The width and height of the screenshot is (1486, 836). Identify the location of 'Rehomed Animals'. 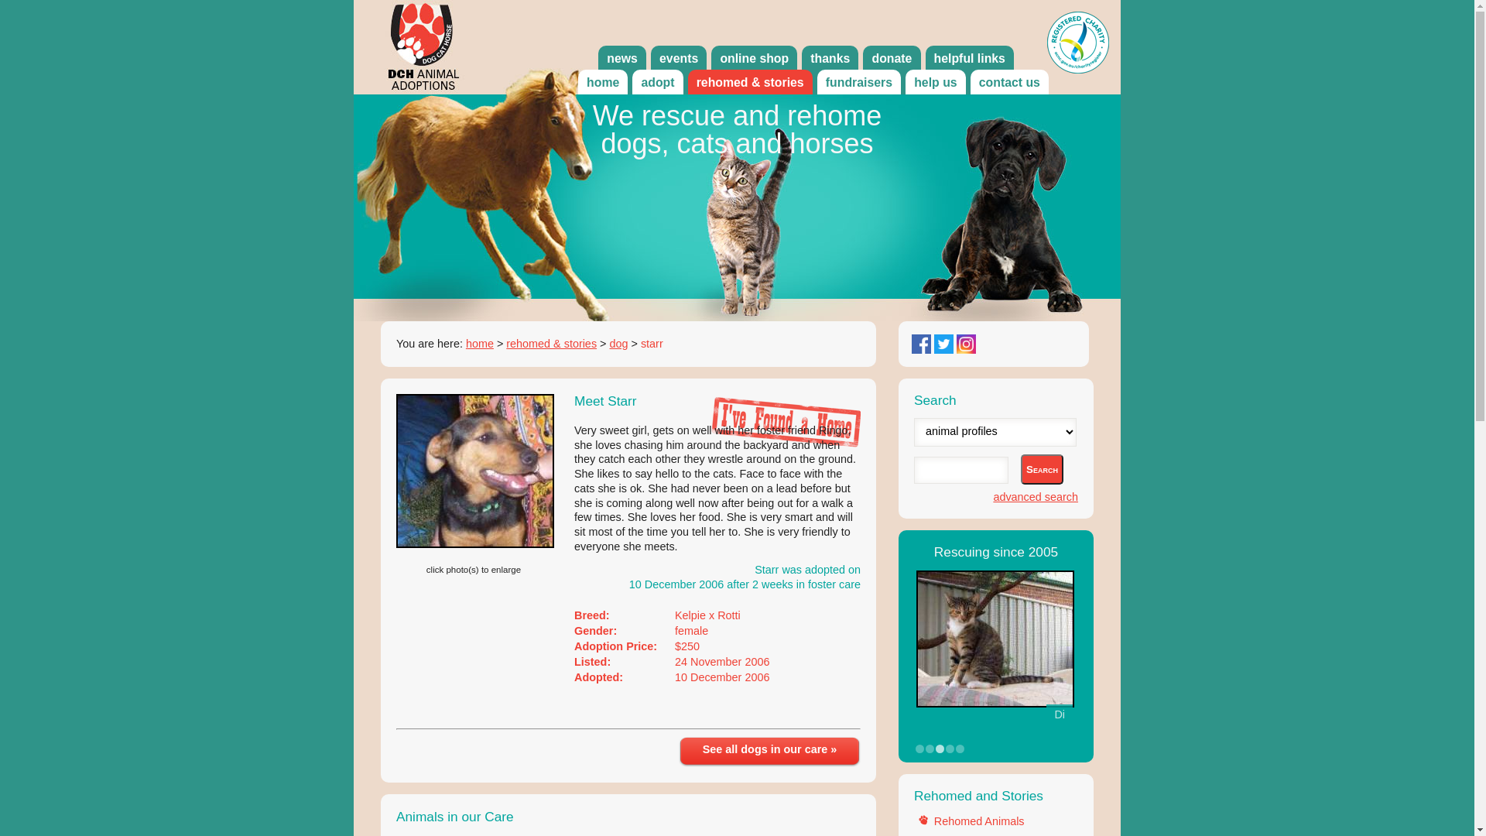
(933, 820).